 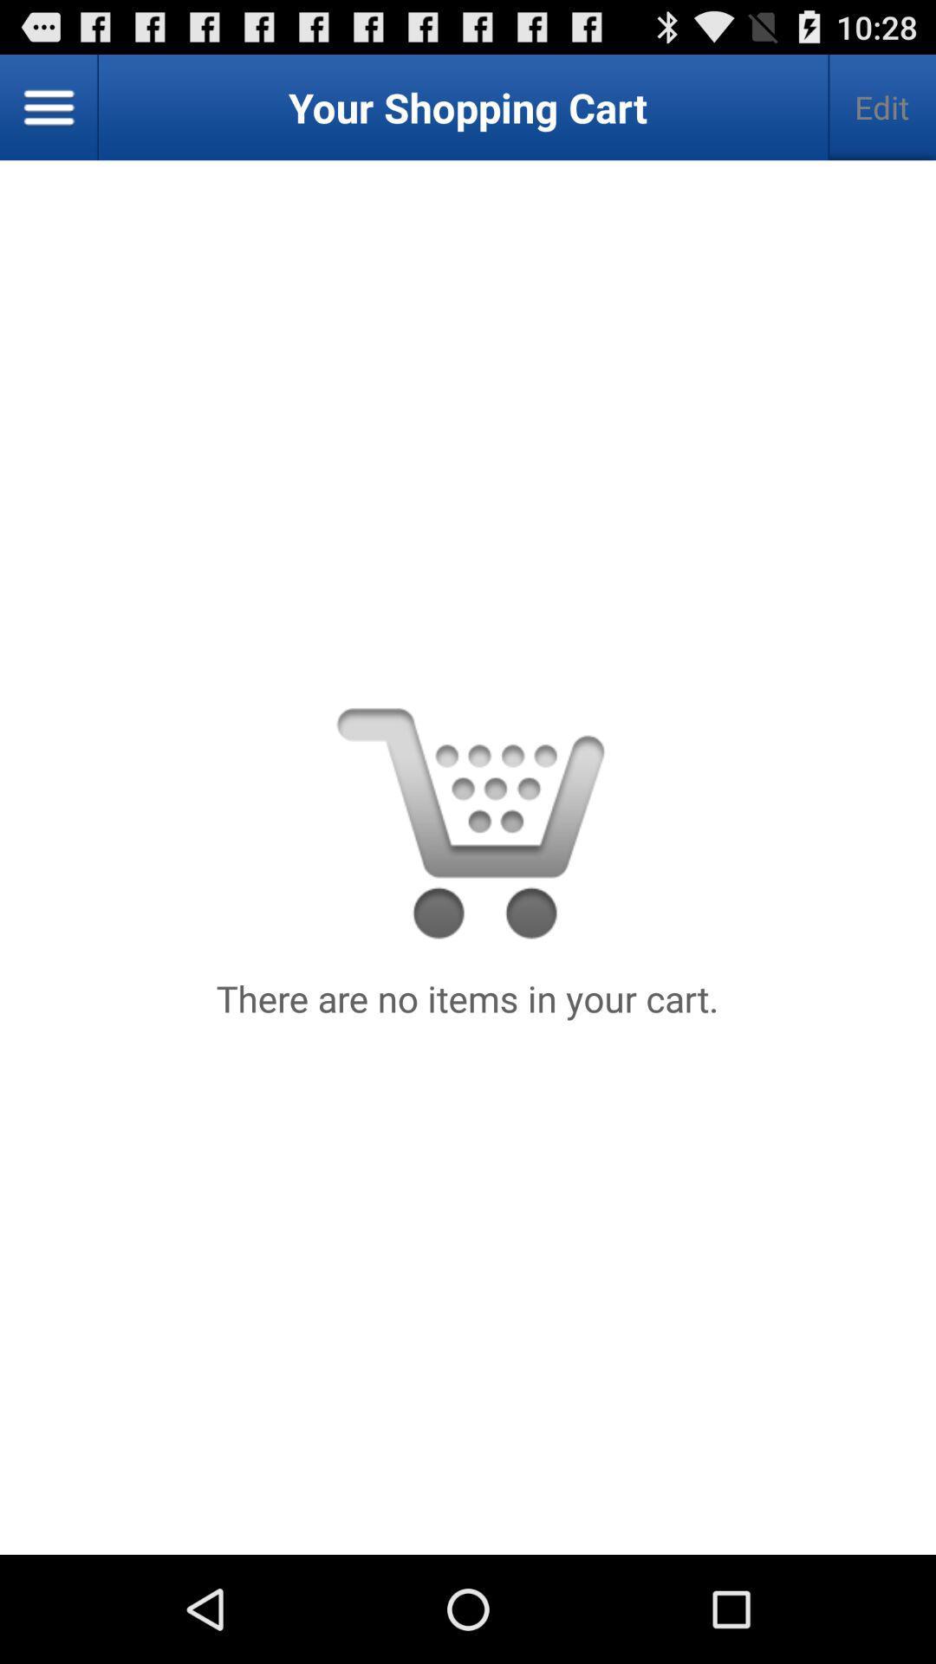 What do you see at coordinates (49, 107) in the screenshot?
I see `the icon at the top left corner` at bounding box center [49, 107].